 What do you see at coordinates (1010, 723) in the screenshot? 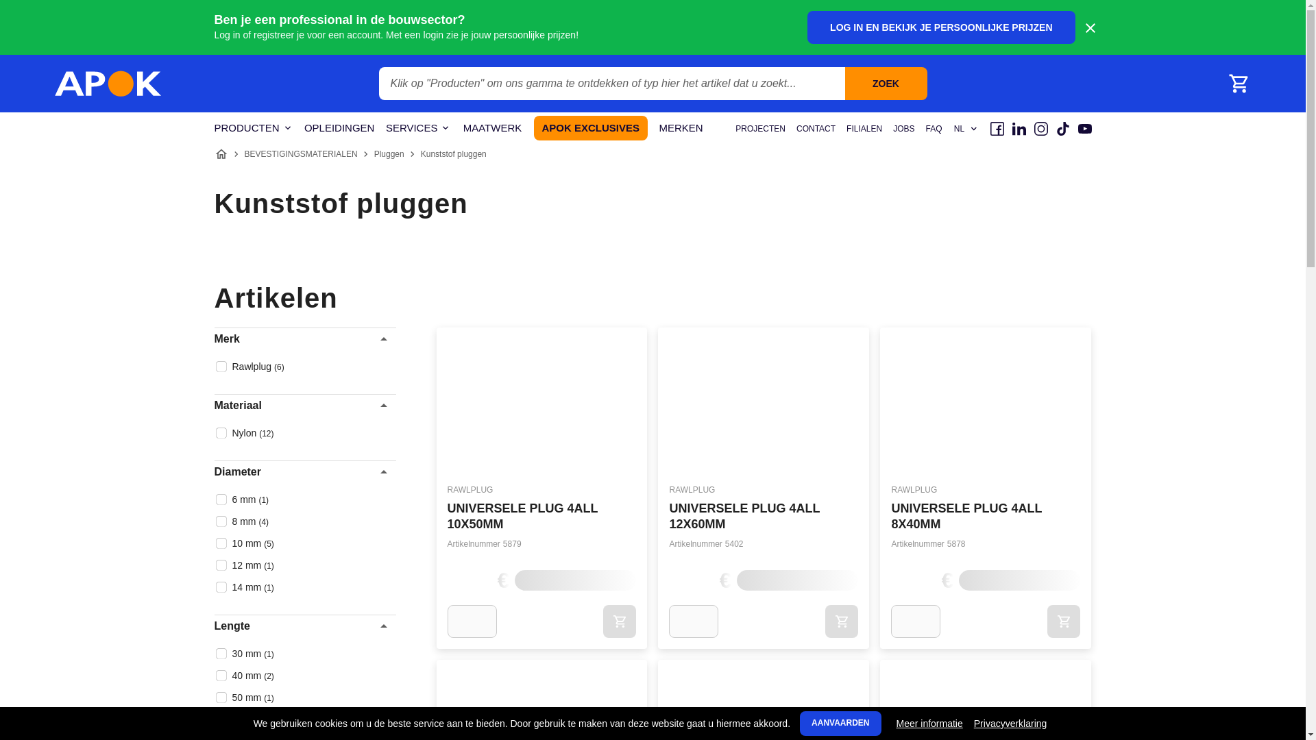
I see `'Privacyverklaring'` at bounding box center [1010, 723].